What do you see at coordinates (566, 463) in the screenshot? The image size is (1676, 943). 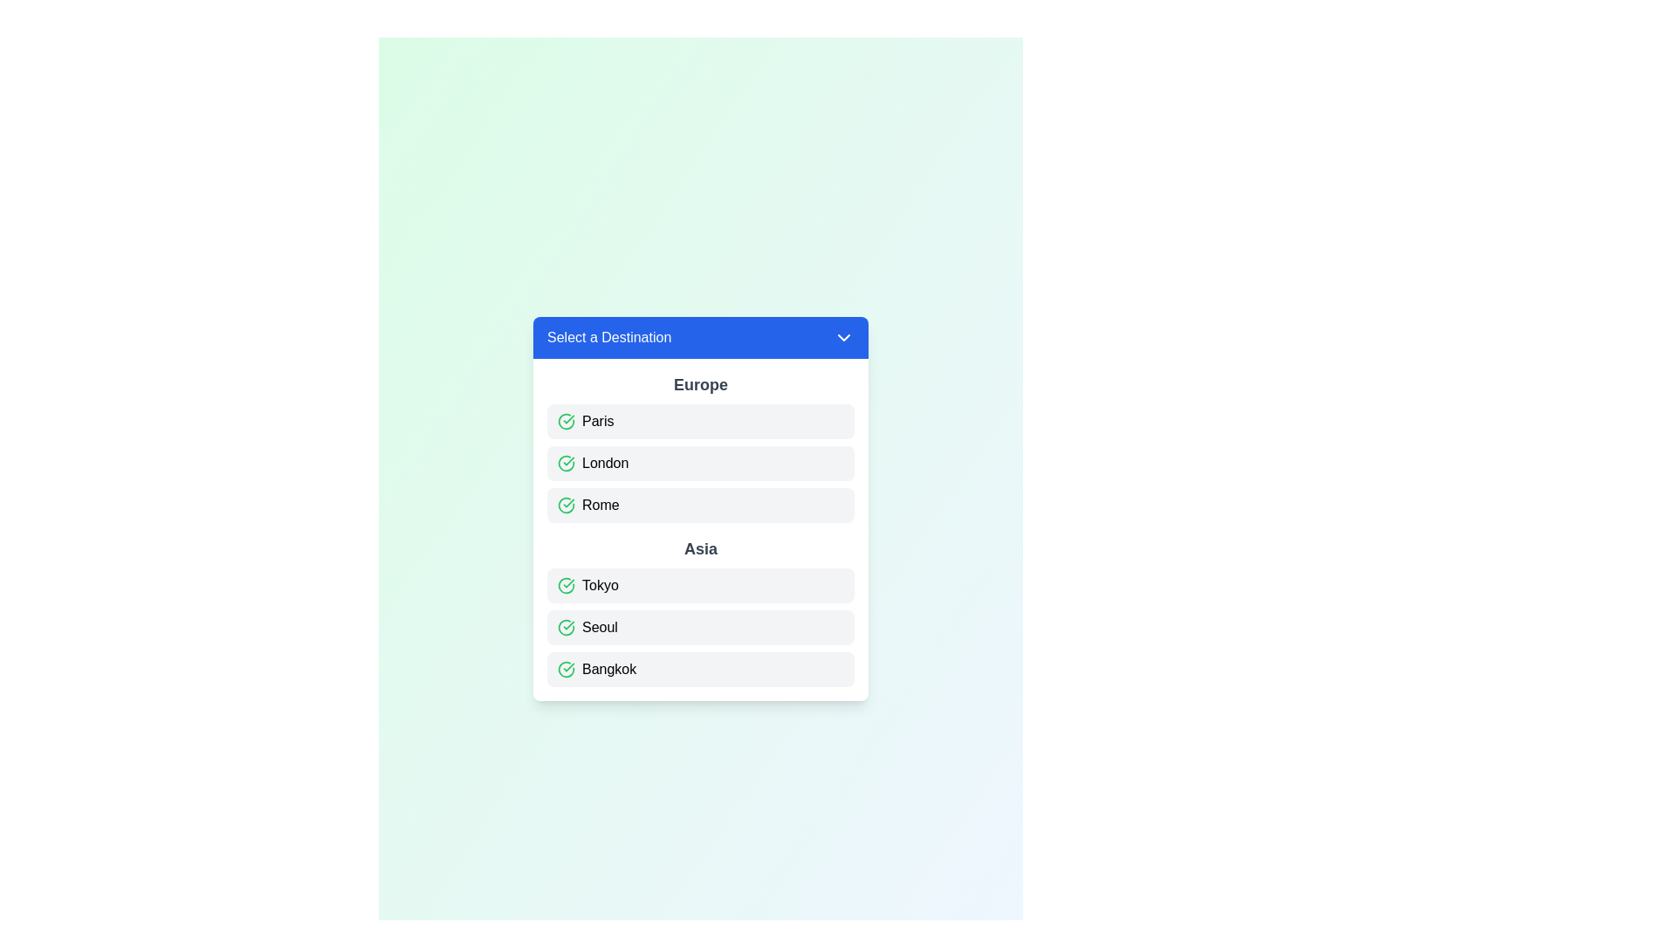 I see `the circular icon with a green checkmark next to the text 'London'` at bounding box center [566, 463].